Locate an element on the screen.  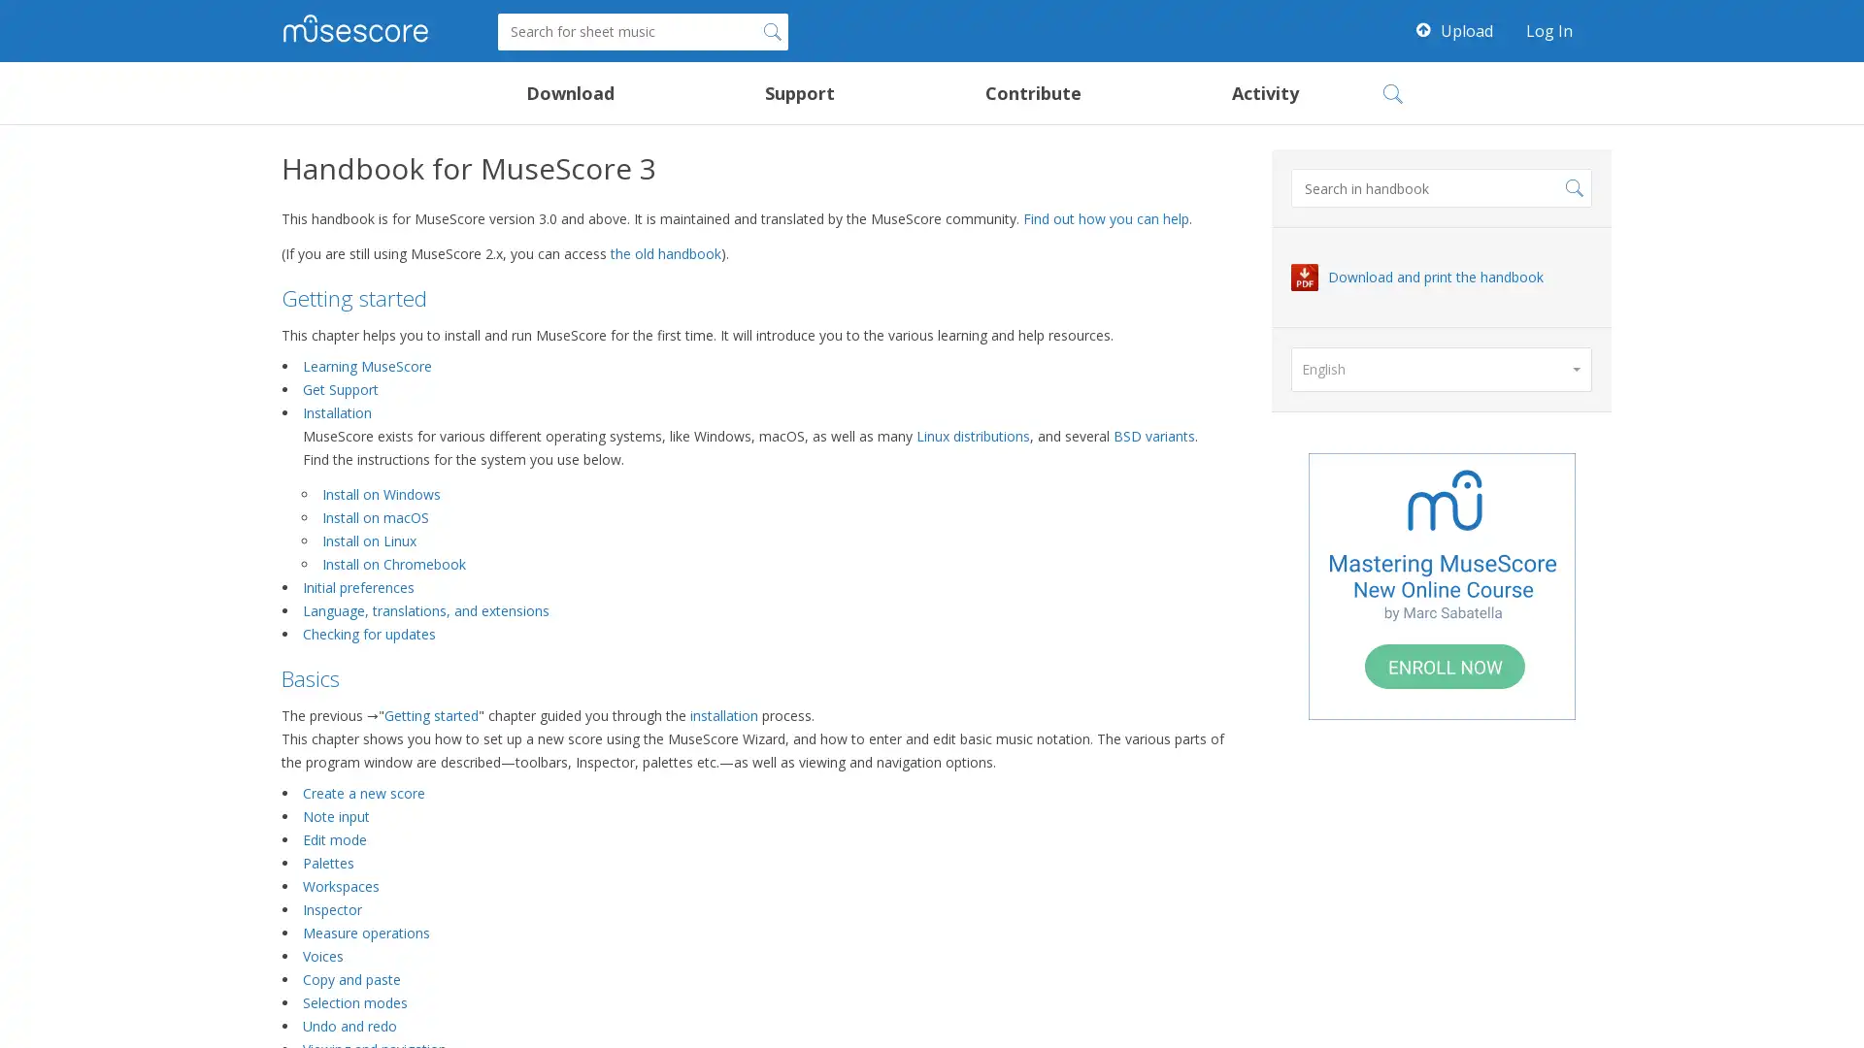
Search is located at coordinates (772, 32).